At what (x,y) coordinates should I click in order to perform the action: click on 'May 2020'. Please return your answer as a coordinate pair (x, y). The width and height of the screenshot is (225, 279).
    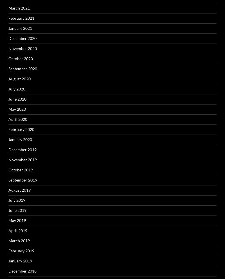
    Looking at the image, I should click on (17, 108).